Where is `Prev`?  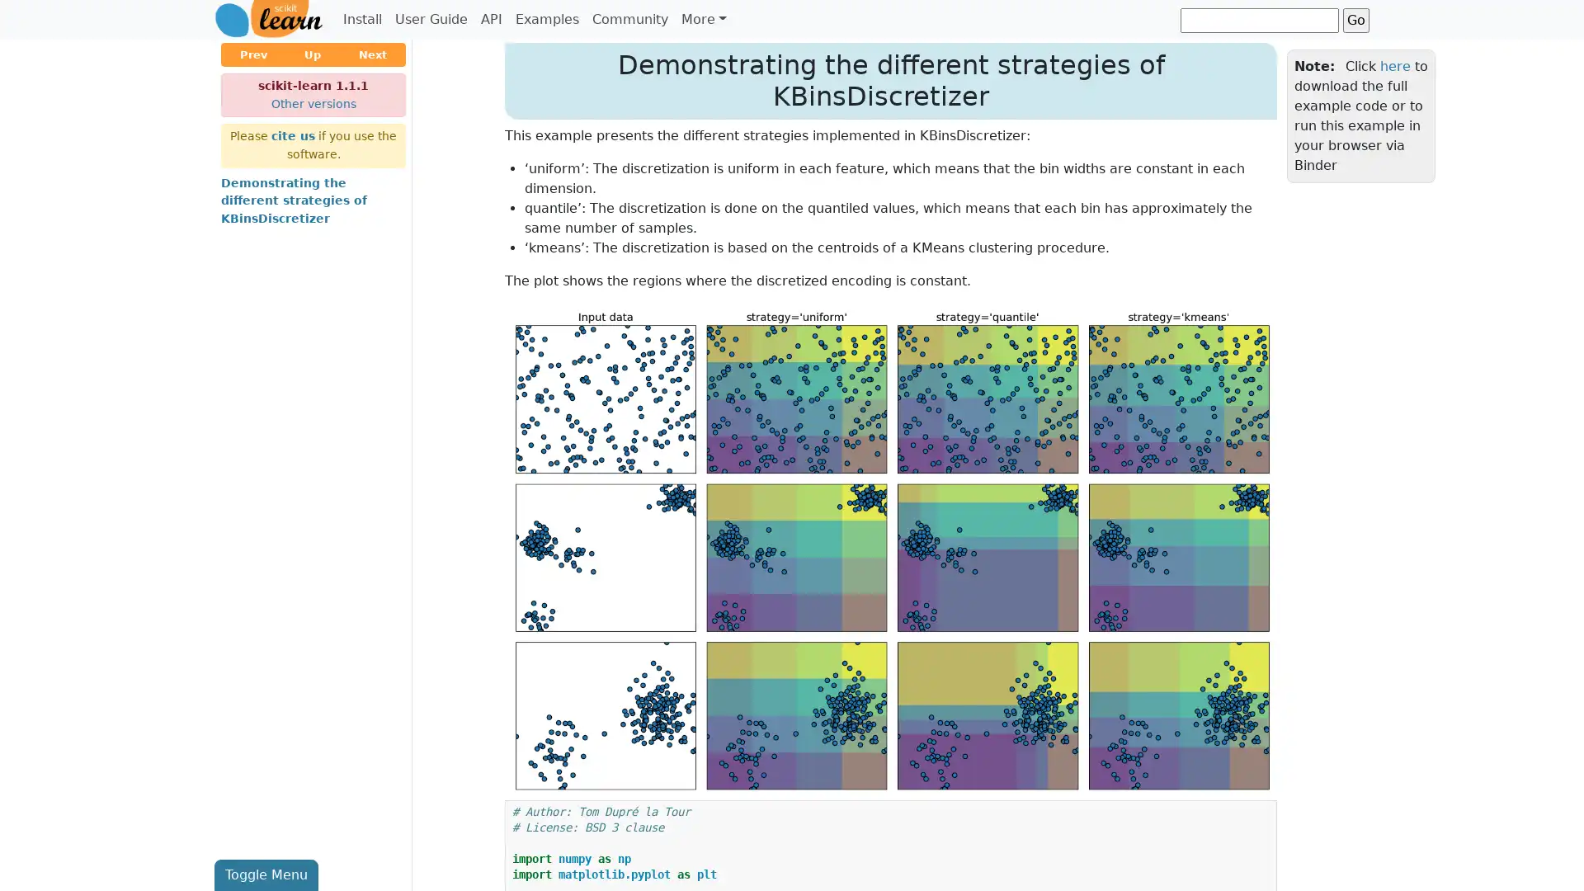 Prev is located at coordinates (252, 54).